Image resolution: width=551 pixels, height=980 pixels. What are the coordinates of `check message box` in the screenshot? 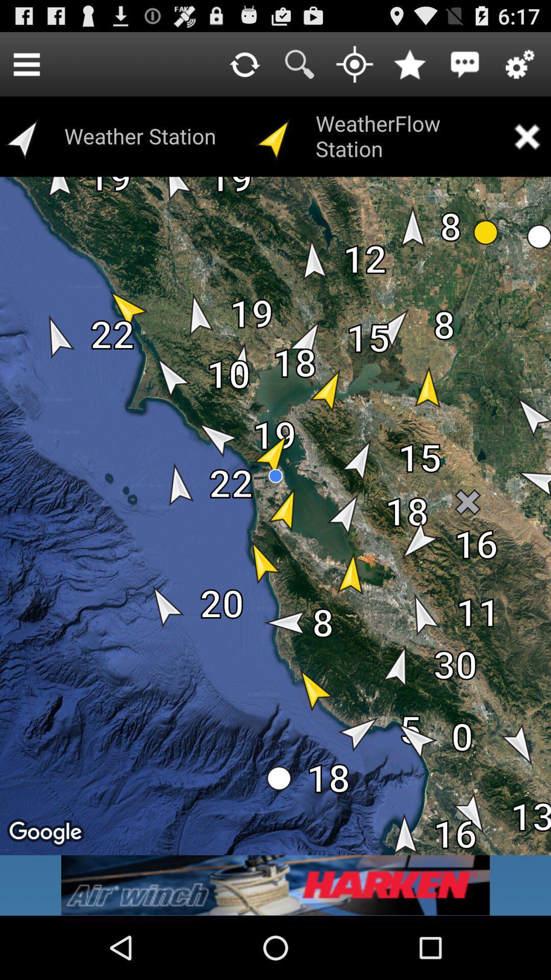 It's located at (465, 63).